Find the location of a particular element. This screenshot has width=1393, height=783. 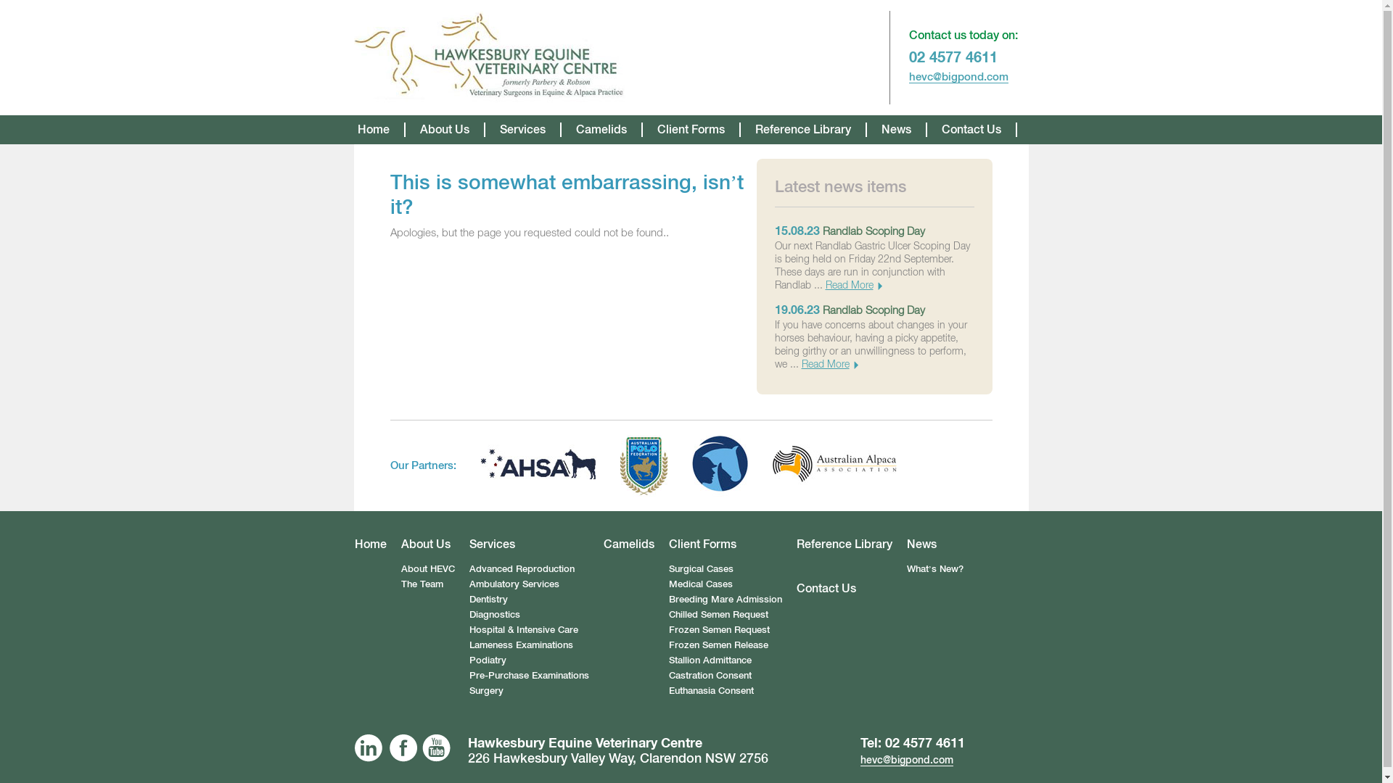

'Ambulatory Services' is located at coordinates (514, 583).